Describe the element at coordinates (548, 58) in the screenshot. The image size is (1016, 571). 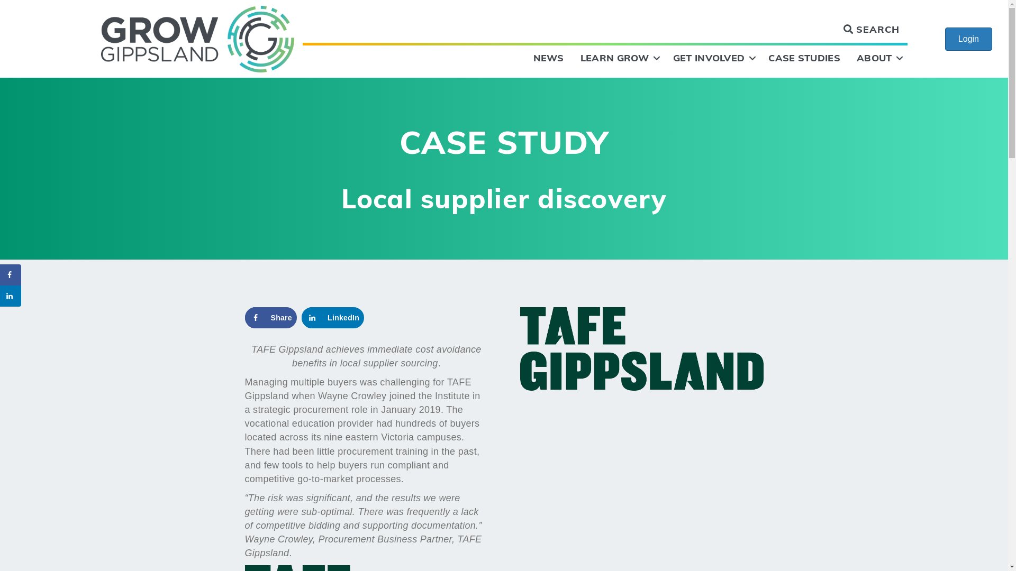
I see `'NEWS'` at that location.